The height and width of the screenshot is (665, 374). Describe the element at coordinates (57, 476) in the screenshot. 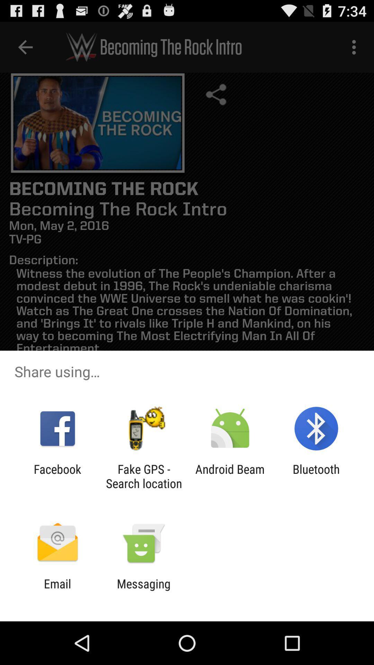

I see `the facebook item` at that location.